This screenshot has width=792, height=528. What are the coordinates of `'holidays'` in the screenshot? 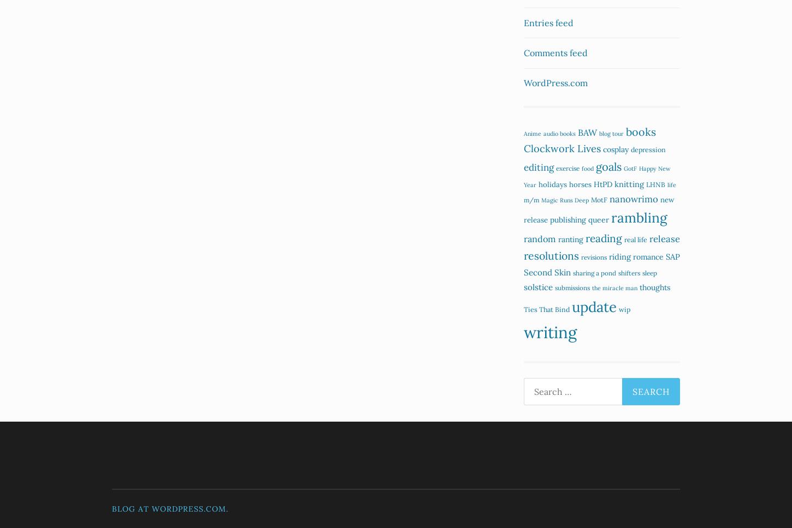 It's located at (539, 184).